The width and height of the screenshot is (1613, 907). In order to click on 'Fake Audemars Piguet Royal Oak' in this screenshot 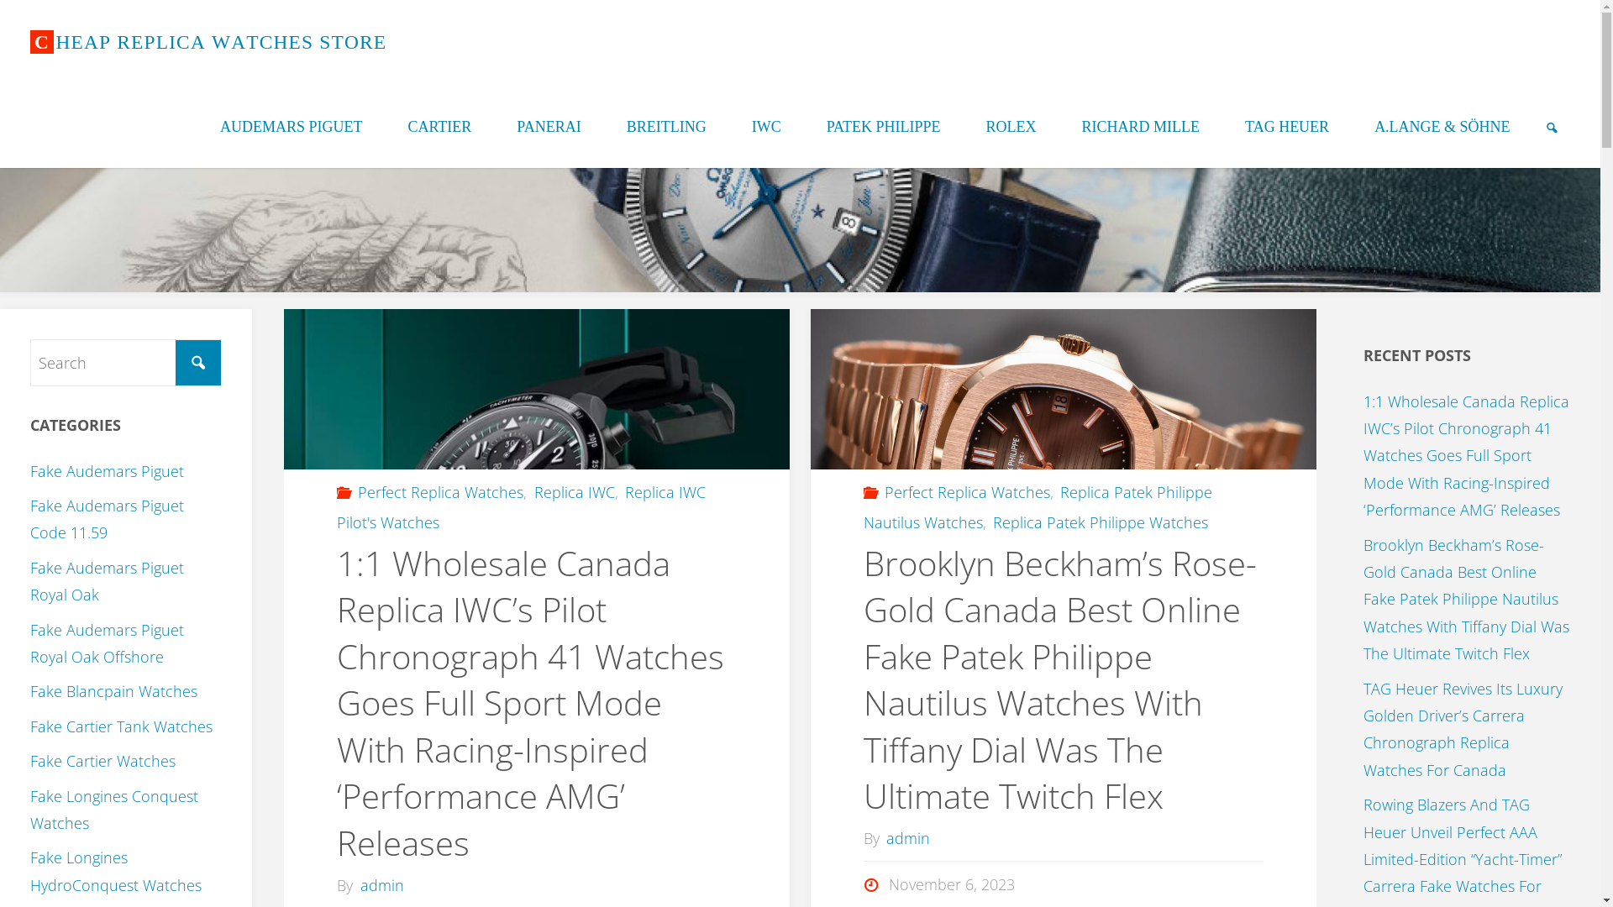, I will do `click(106, 579)`.